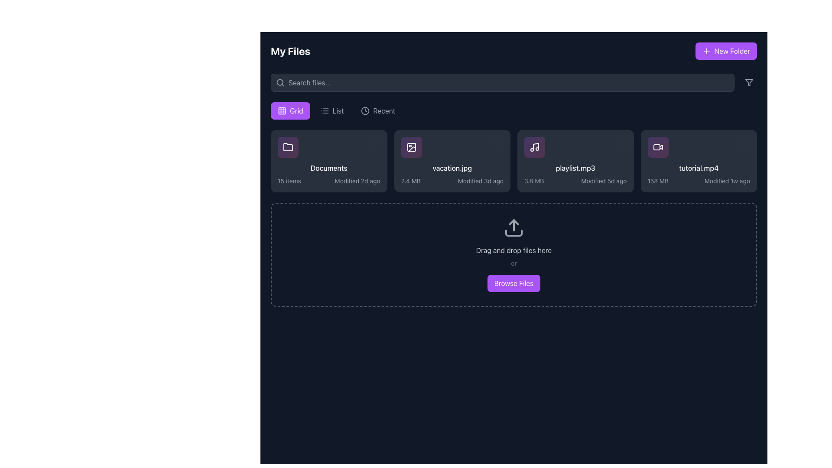 The image size is (832, 468). Describe the element at coordinates (513, 263) in the screenshot. I see `the text label displaying 'or' in light gray color, which is centrally positioned between the 'Drag and drop files here' and 'Browse Files' sections` at that location.